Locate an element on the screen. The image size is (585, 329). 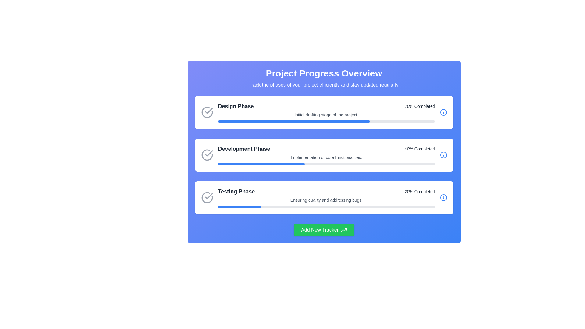
the blue outlined circular 'info' icon located at the far right of the 'Design Phase' card to obtain further information is located at coordinates (443, 112).